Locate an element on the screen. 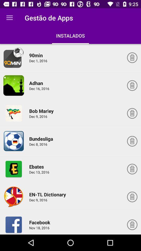 This screenshot has width=141, height=251. open application page is located at coordinates (14, 197).